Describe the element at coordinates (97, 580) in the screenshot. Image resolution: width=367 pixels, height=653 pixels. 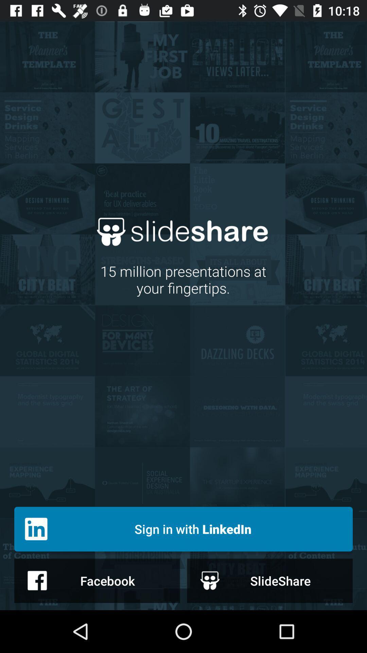
I see `icon at the bottom left corner` at that location.